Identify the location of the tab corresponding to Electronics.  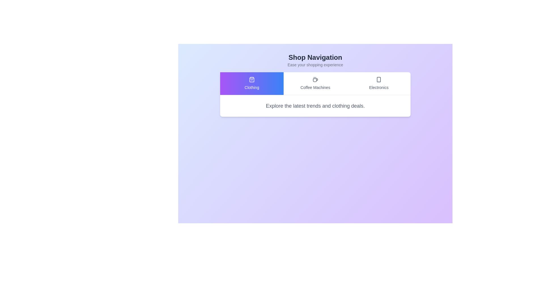
(379, 83).